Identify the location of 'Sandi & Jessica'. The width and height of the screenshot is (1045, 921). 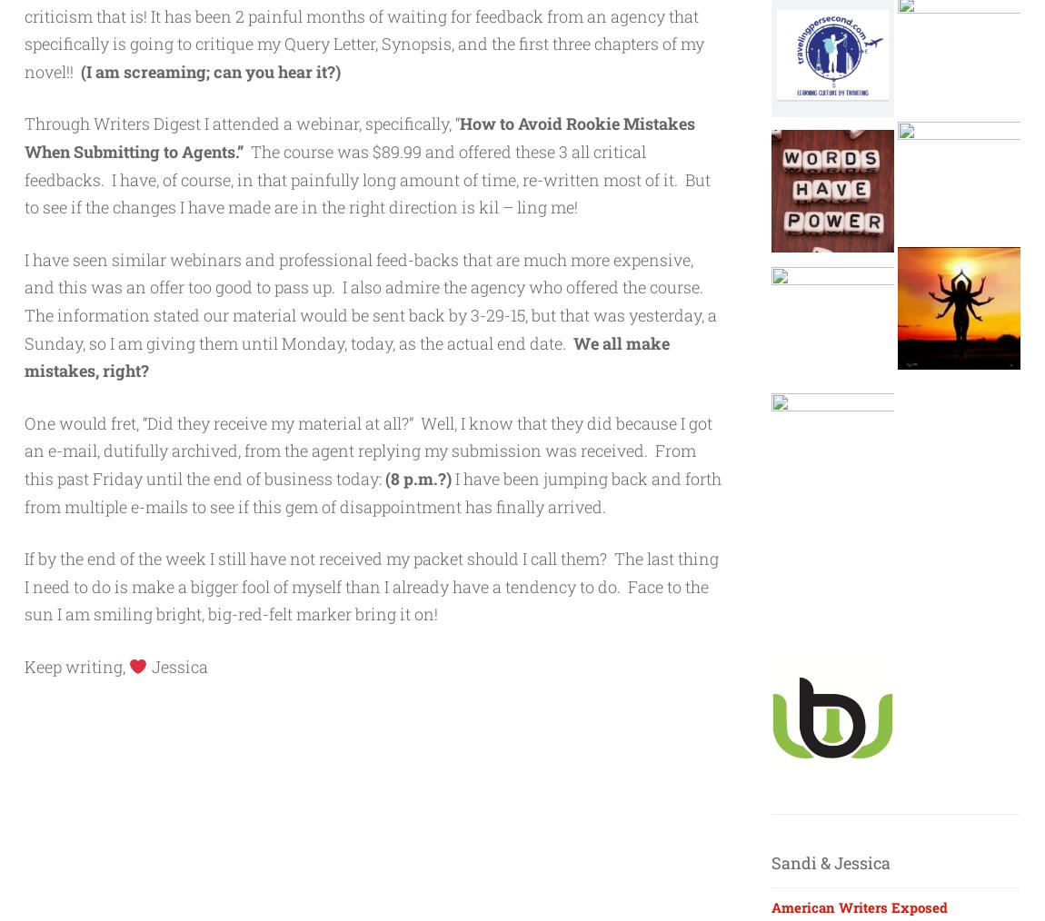
(831, 863).